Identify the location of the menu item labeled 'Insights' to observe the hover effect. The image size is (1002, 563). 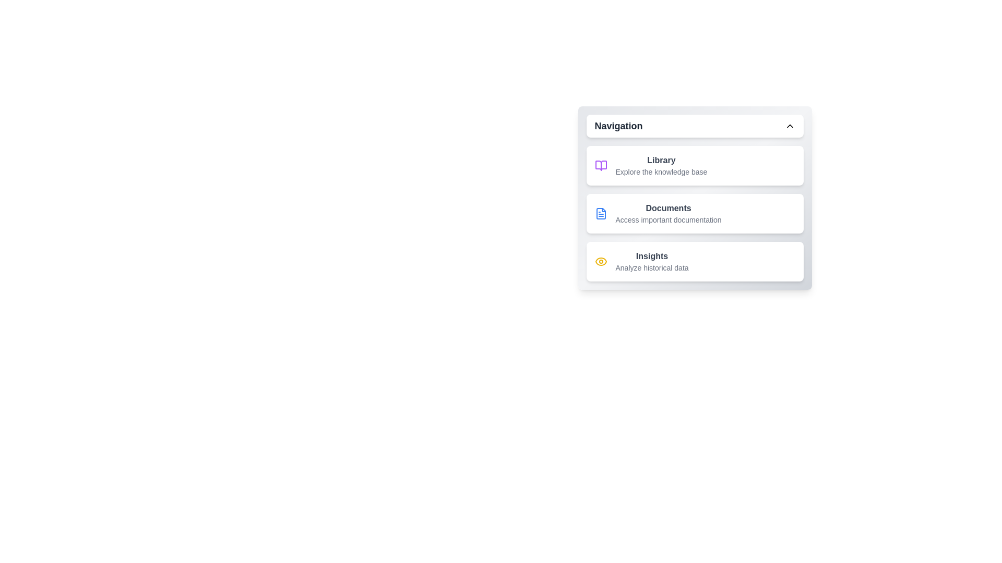
(695, 261).